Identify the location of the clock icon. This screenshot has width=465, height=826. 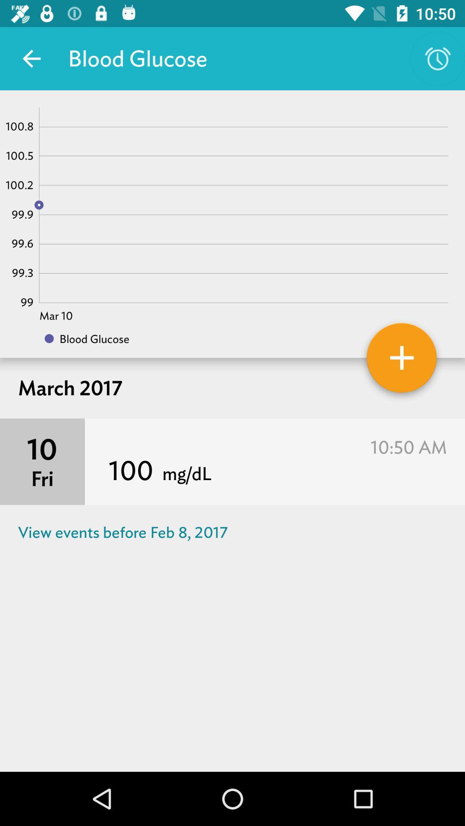
(438, 59).